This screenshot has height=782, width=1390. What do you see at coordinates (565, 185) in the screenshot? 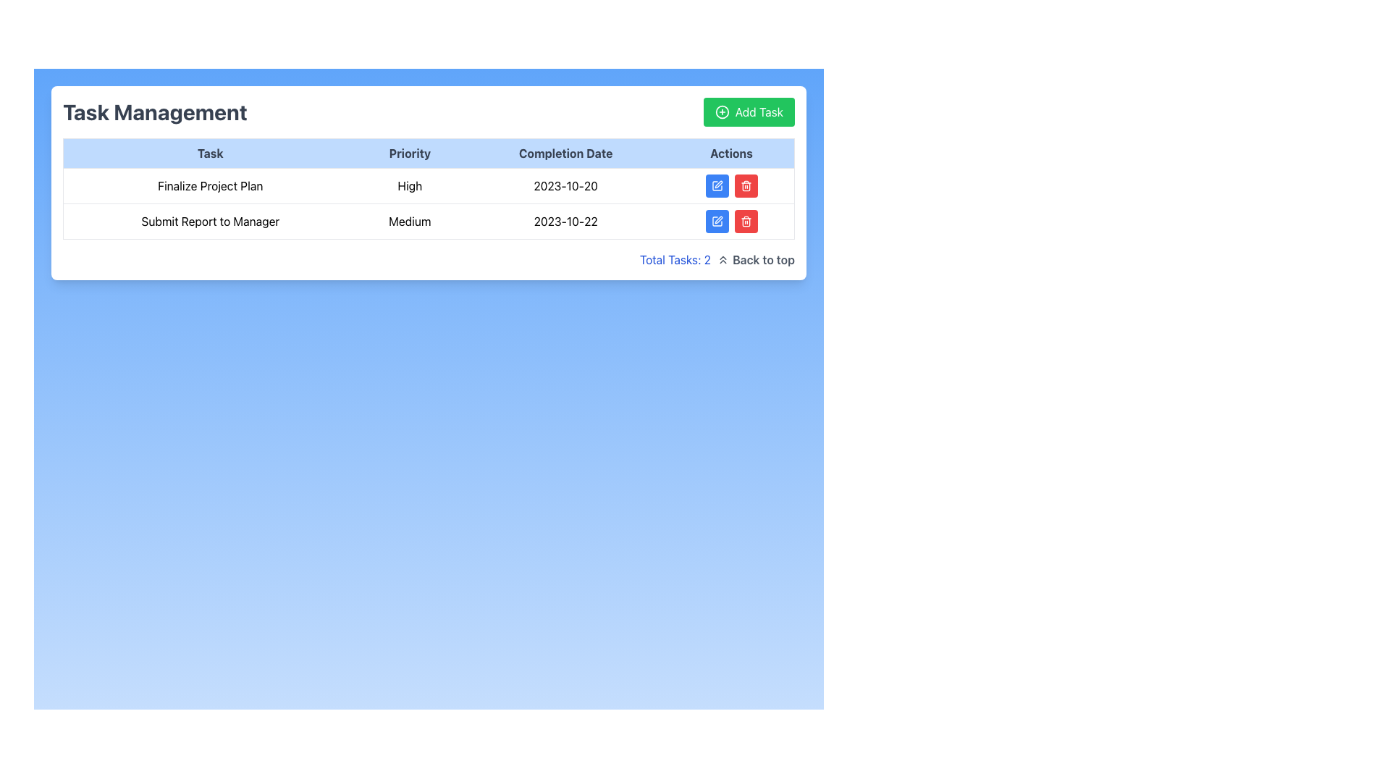
I see `the text label indicating the completion date for the task 'Finalize Project Plan' located in the 'Completion Date' column of the table under the 'High' priority row` at bounding box center [565, 185].